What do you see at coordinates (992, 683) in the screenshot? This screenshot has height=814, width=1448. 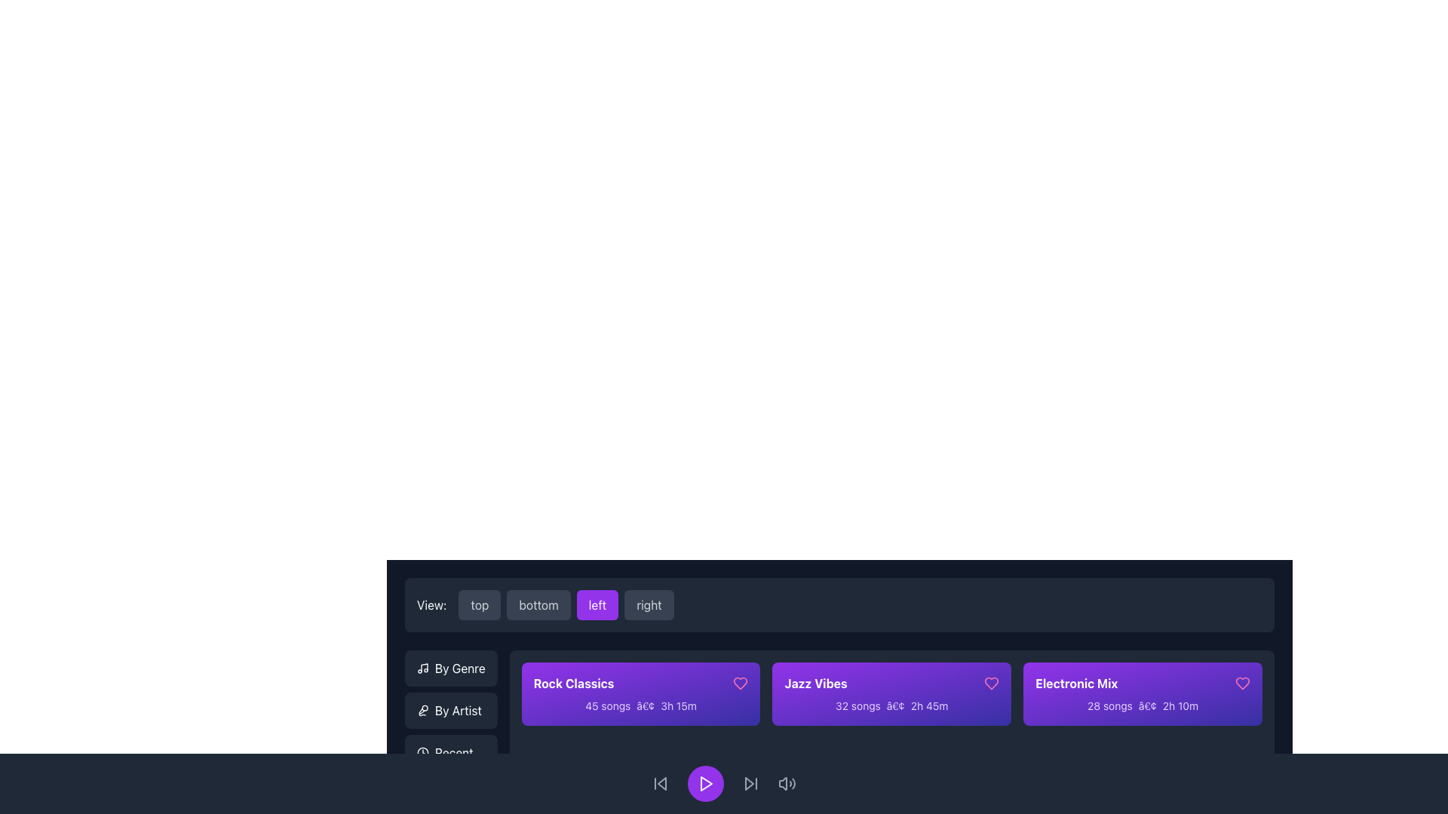 I see `the heart icon with a pink outline located in the top-right corner of the 'Jazz Vibes' card` at bounding box center [992, 683].